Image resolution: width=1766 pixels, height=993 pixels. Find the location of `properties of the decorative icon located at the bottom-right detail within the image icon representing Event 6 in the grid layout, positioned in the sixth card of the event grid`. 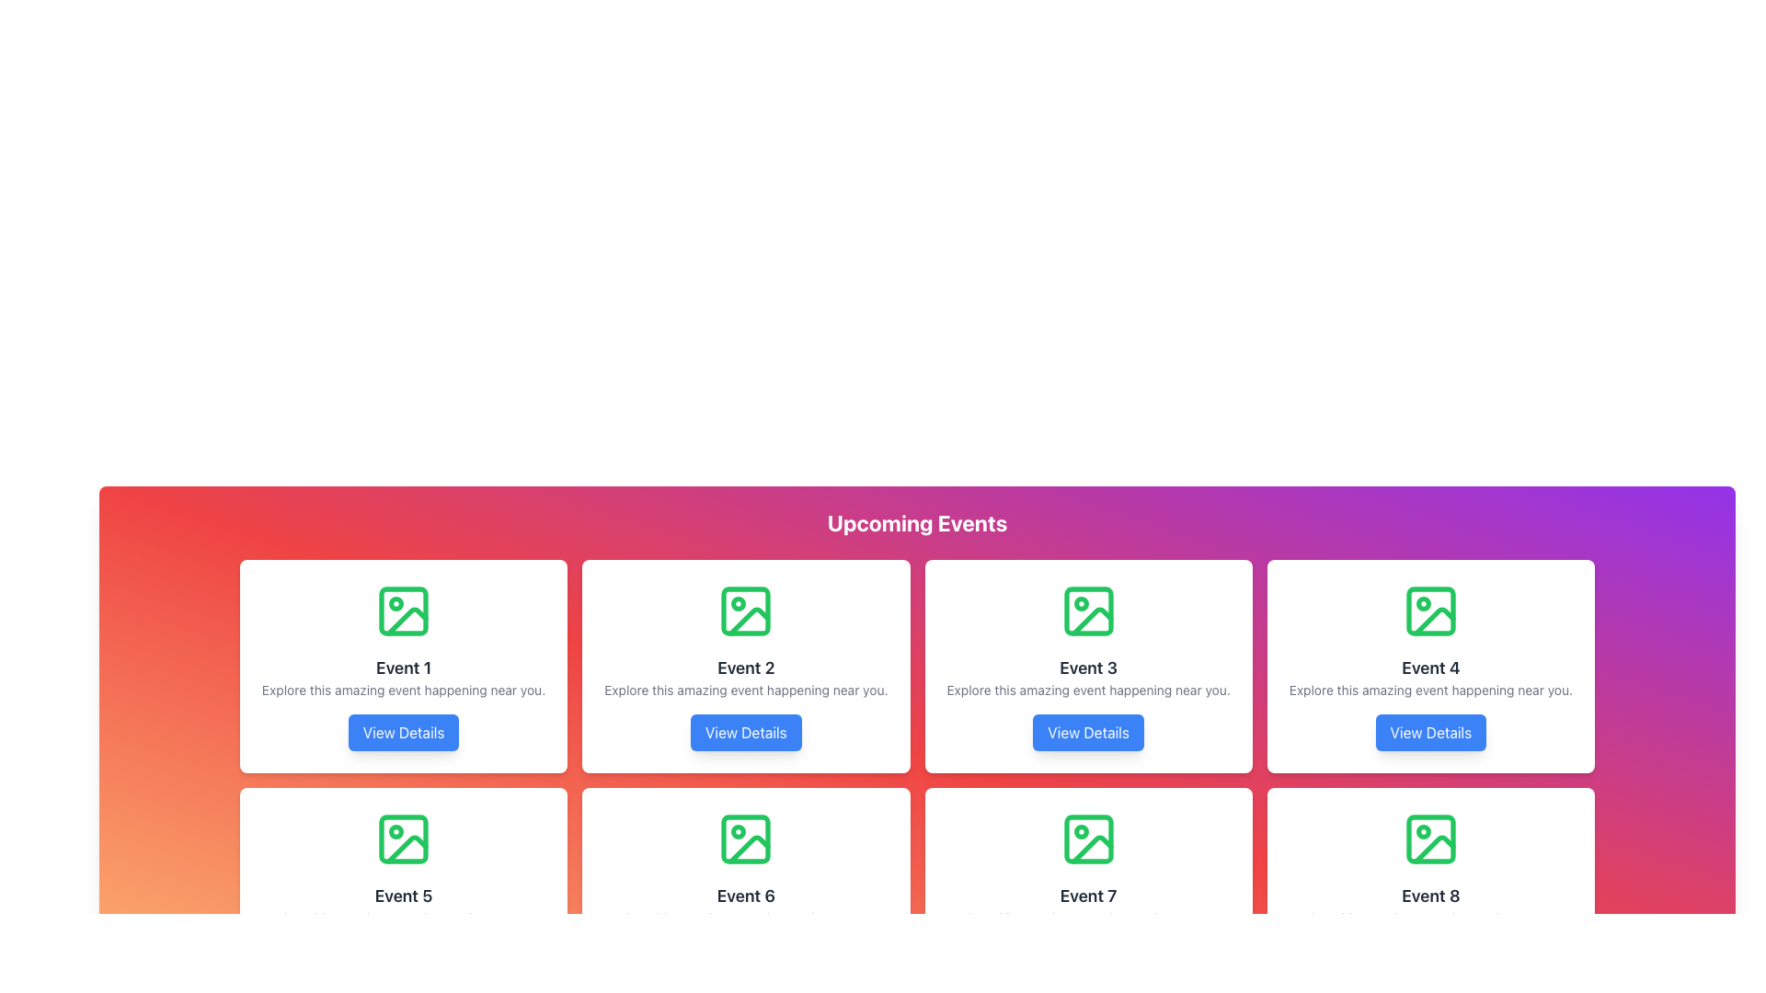

properties of the decorative icon located at the bottom-right detail within the image icon representing Event 6 in the grid layout, positioned in the sixth card of the event grid is located at coordinates (750, 850).